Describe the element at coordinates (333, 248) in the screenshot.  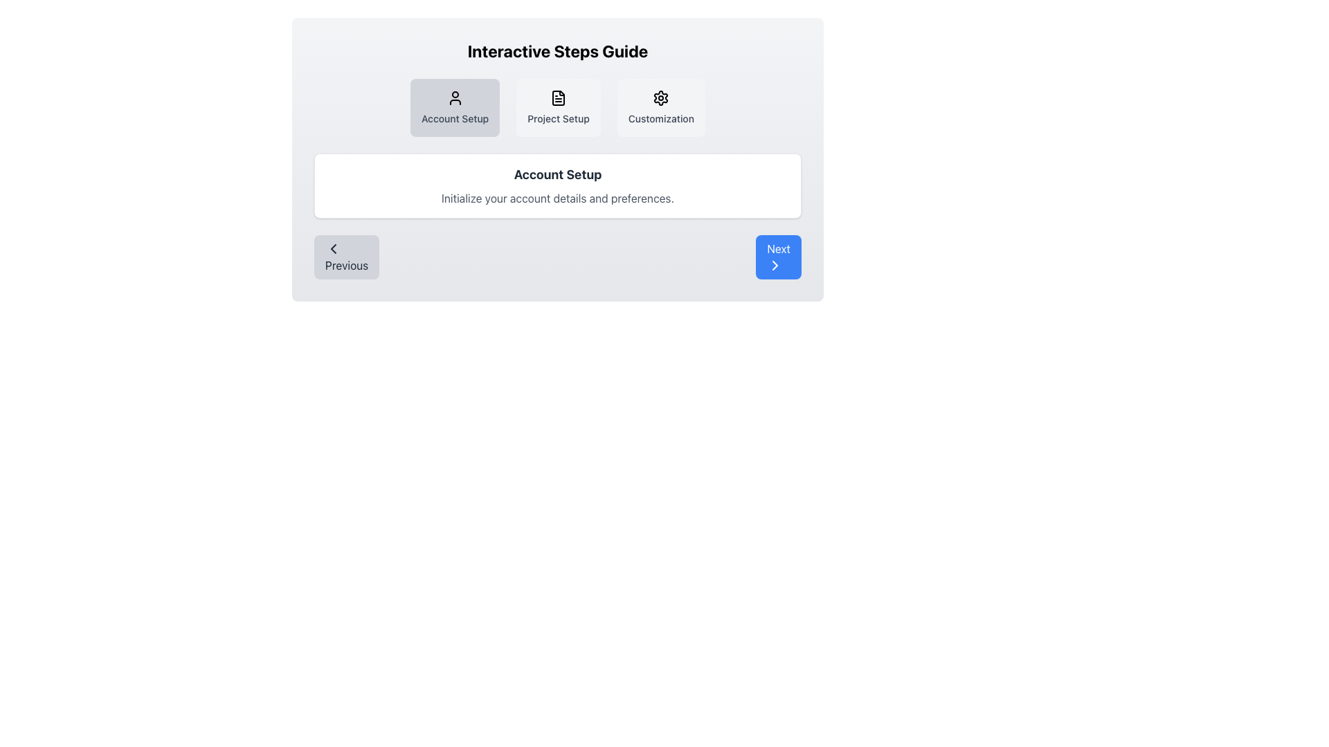
I see `the 'Previous' icon located at the bottom left of the card interface, indicating its role in navigating to the prior step or page` at that location.